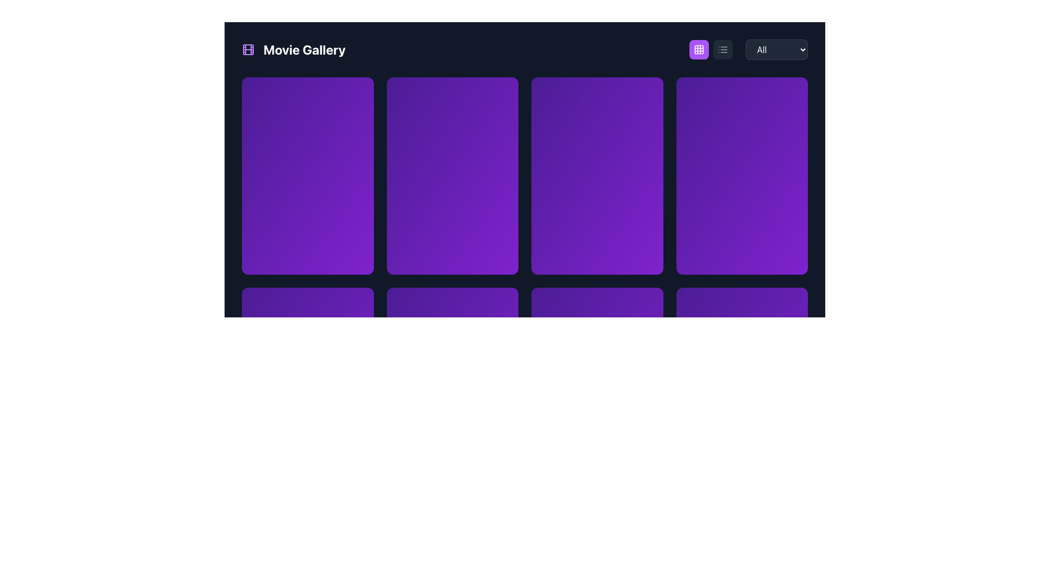 This screenshot has width=1039, height=584. Describe the element at coordinates (304, 50) in the screenshot. I see `the 'Movie Gallery' label, which identifies the current section and is located near the top-left corner of the interface, following a film reel icon` at that location.